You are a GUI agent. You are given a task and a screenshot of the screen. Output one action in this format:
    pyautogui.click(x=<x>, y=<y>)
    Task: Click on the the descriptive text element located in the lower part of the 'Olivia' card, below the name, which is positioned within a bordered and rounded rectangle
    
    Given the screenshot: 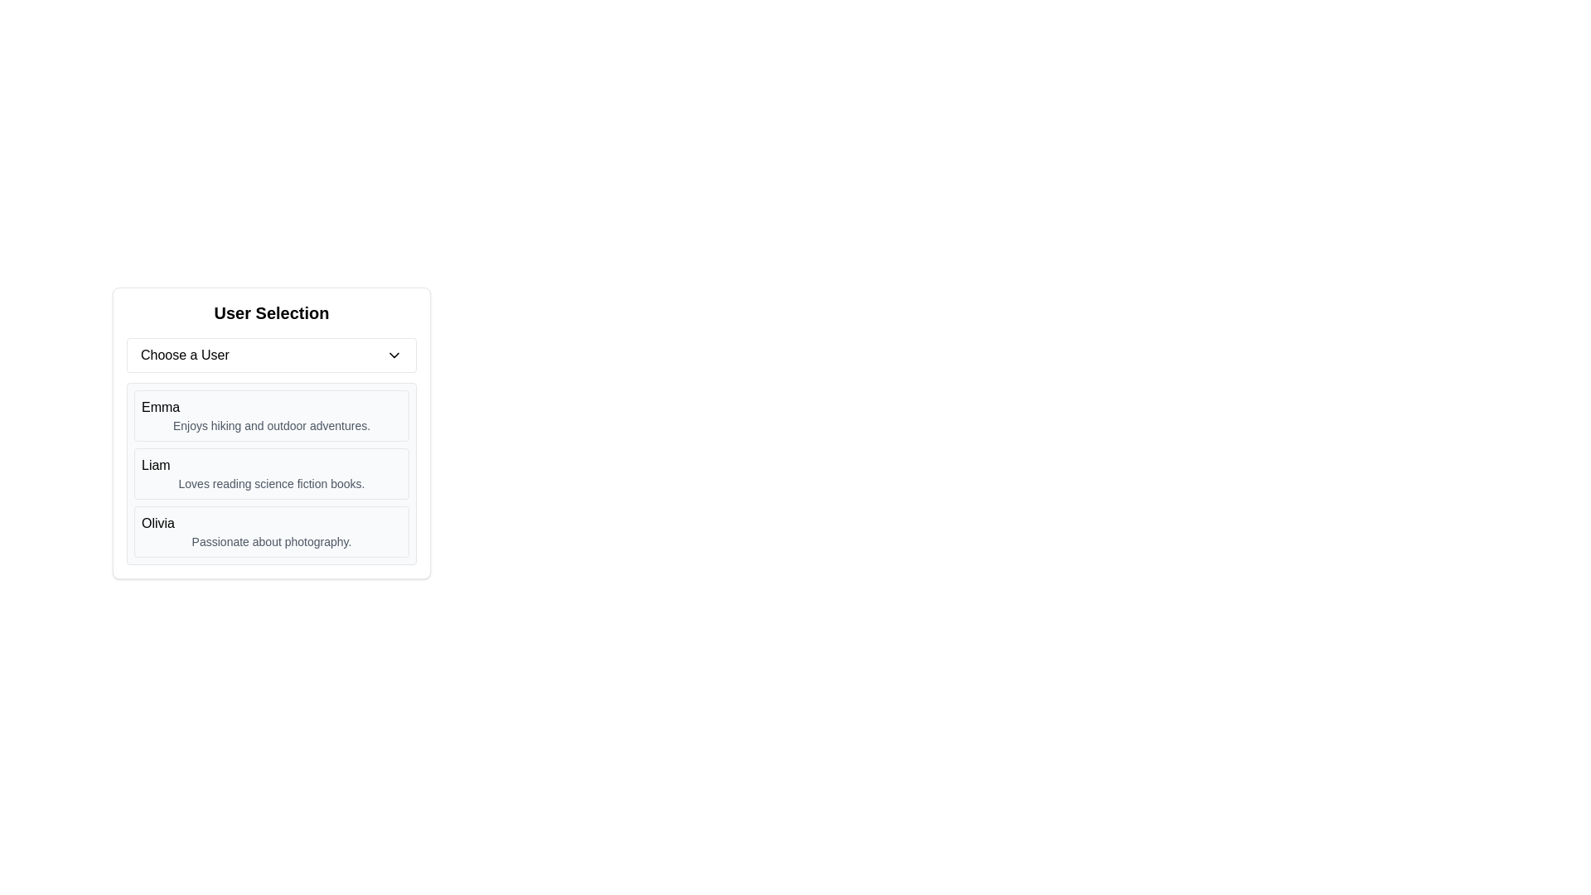 What is the action you would take?
    pyautogui.click(x=271, y=542)
    